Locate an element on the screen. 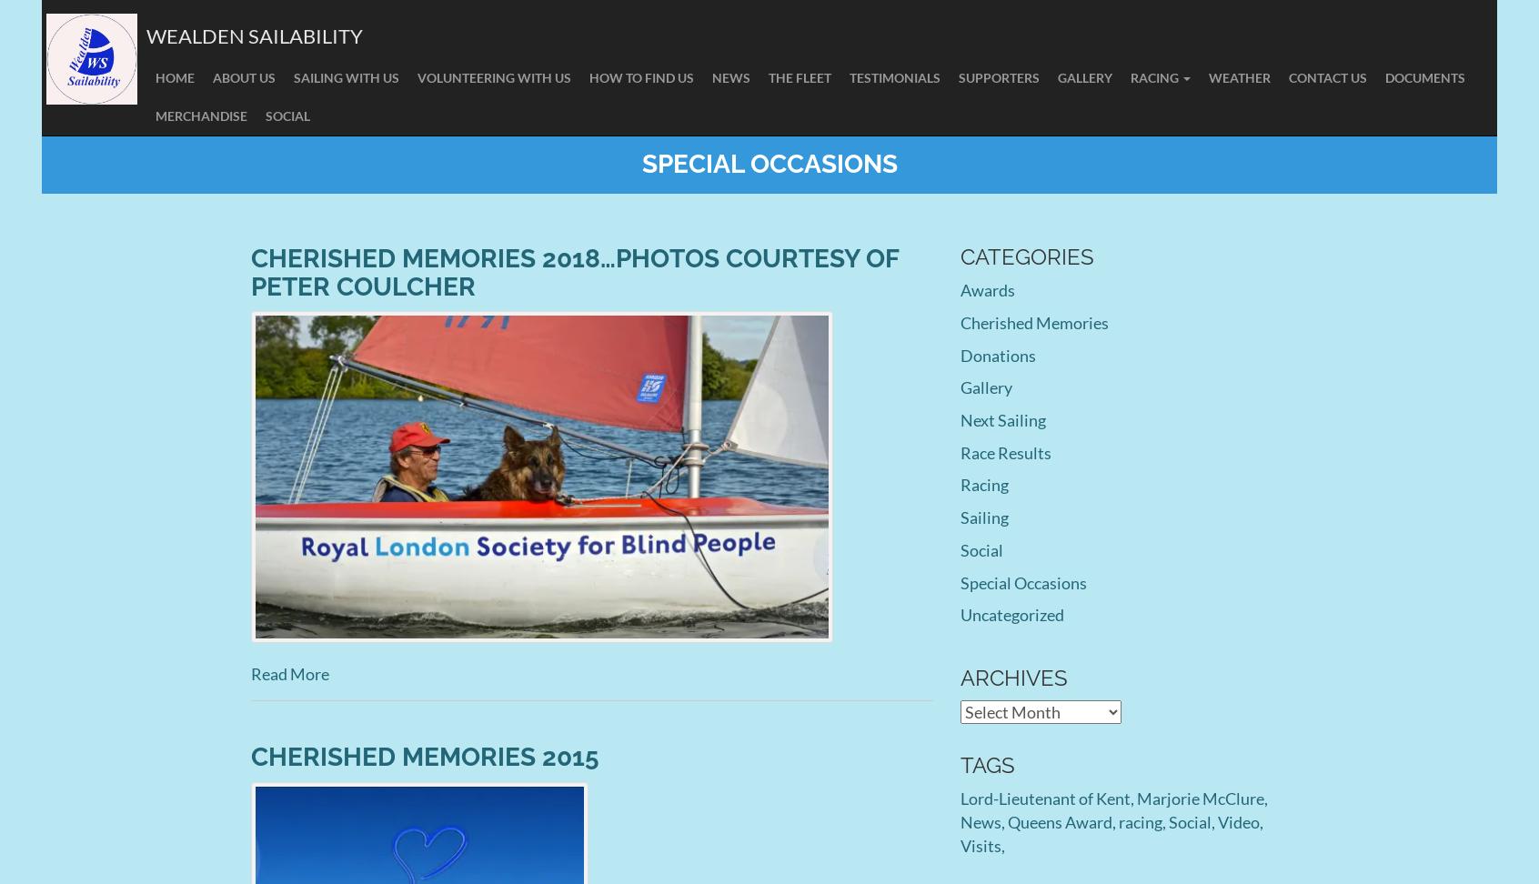 Image resolution: width=1539 pixels, height=884 pixels. 'Merchandise' is located at coordinates (155, 116).